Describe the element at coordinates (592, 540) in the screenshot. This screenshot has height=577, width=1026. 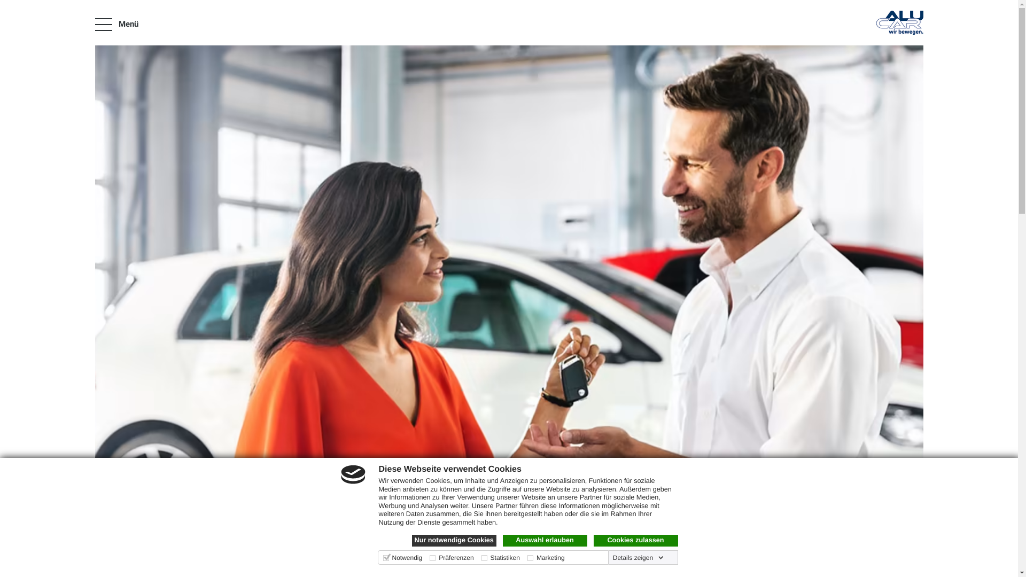
I see `'Cookies zulassen'` at that location.